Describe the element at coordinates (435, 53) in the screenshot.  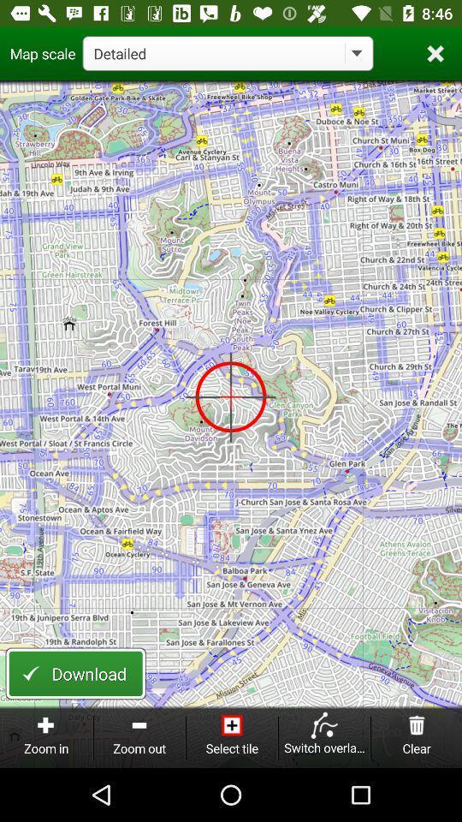
I see `the close icon` at that location.